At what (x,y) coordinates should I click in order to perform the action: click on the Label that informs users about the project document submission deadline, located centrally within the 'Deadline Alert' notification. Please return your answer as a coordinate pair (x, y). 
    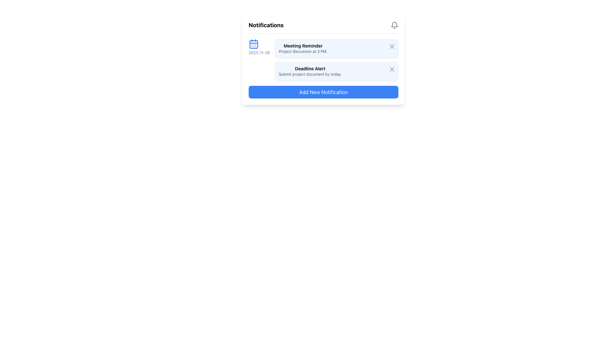
    Looking at the image, I should click on (310, 71).